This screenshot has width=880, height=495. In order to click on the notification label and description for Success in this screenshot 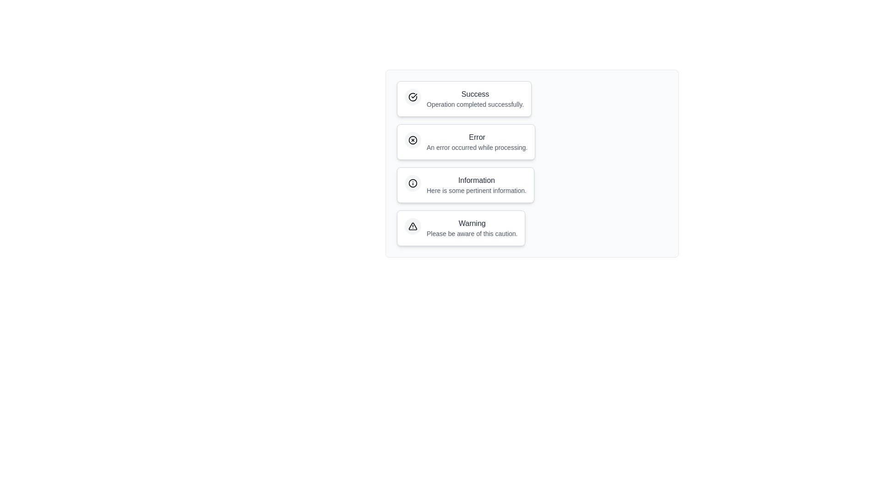, I will do `click(464, 99)`.